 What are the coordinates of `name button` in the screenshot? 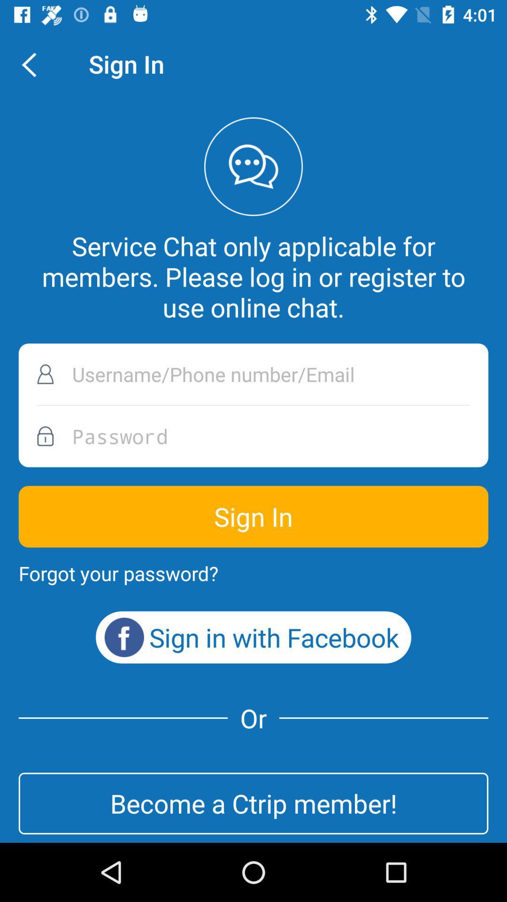 It's located at (253, 373).